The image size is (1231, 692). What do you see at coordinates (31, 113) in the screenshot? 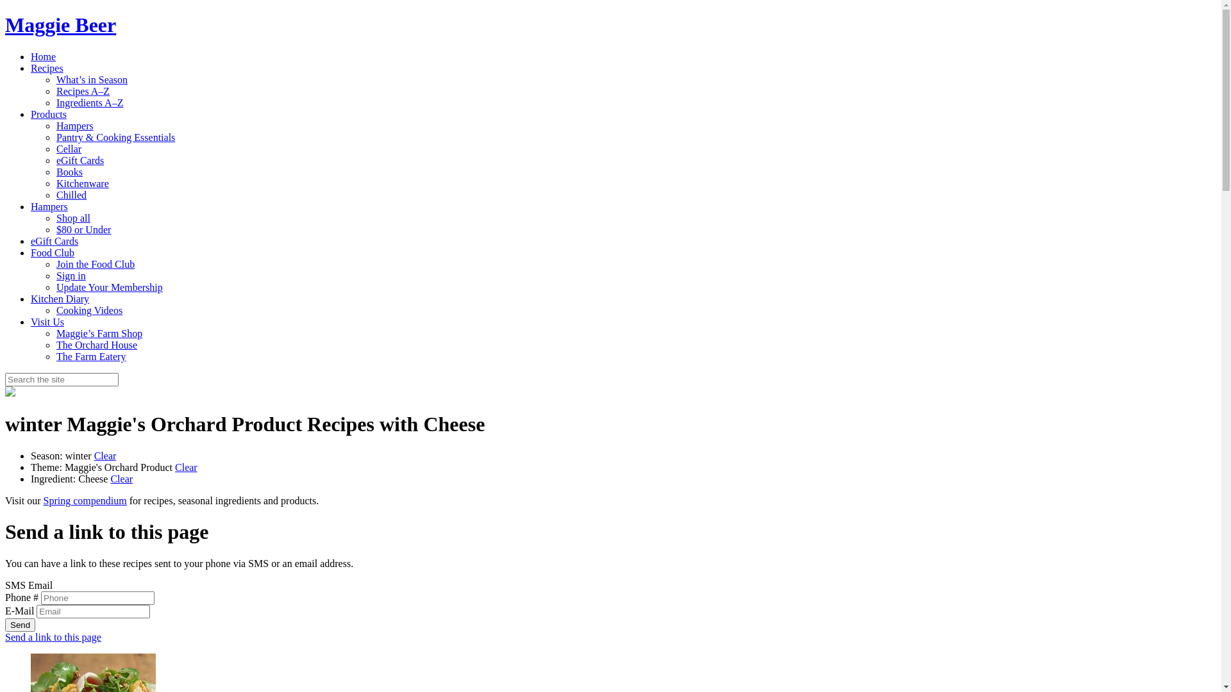
I see `'Products'` at bounding box center [31, 113].